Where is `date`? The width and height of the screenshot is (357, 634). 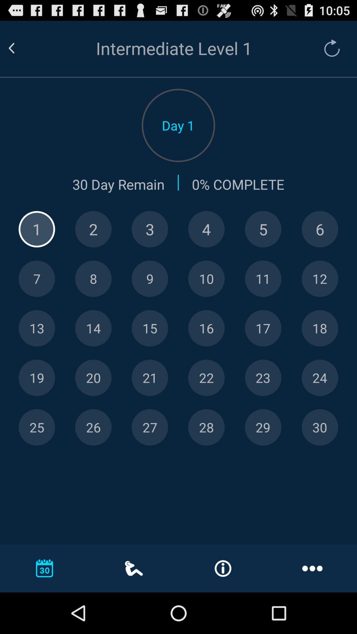
date is located at coordinates (319, 279).